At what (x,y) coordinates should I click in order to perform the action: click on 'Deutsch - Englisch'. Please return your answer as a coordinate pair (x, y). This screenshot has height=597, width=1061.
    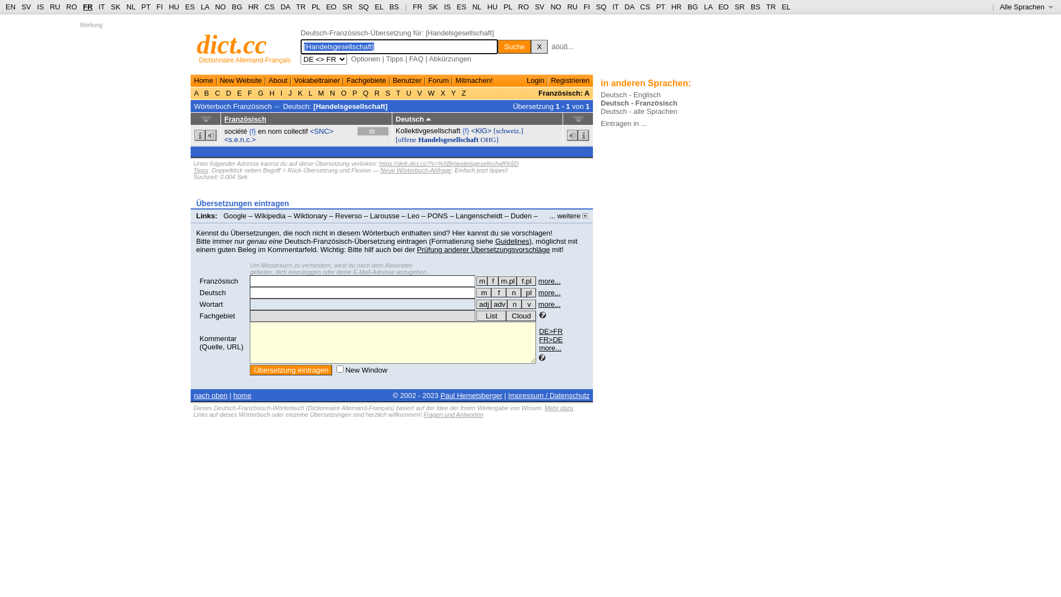
    Looking at the image, I should click on (631, 94).